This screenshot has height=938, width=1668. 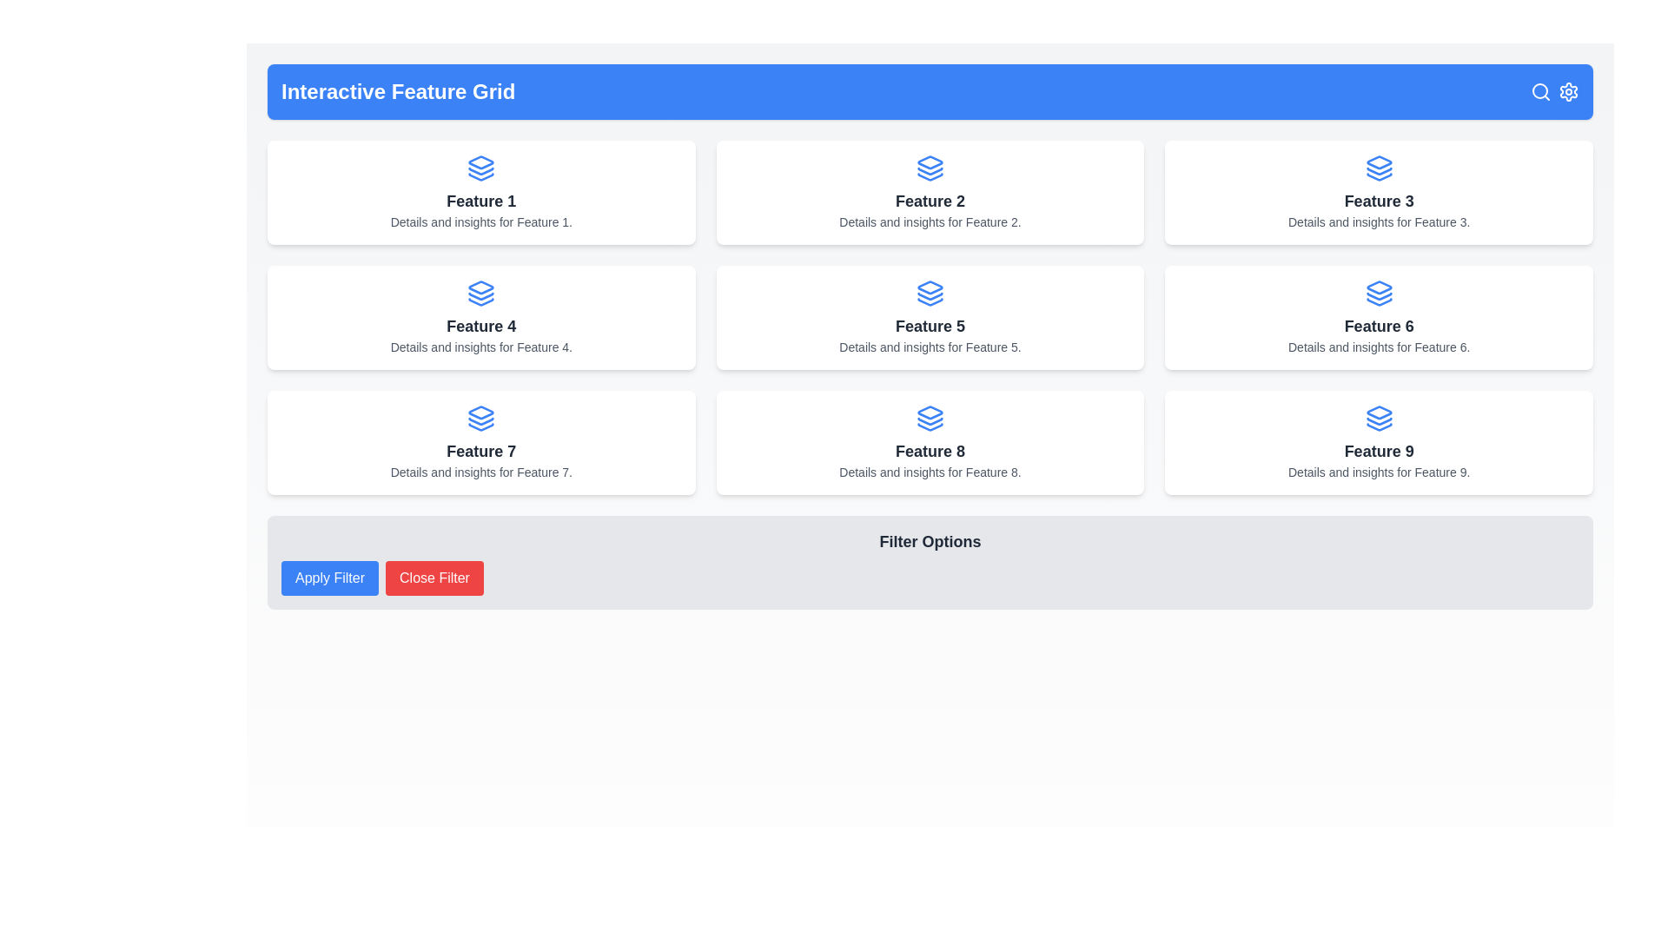 What do you see at coordinates (929, 301) in the screenshot?
I see `Icon decoration layer, which is the bottommost layer of the icon associated with Feature 5, located in the second row, middle column of the grid` at bounding box center [929, 301].